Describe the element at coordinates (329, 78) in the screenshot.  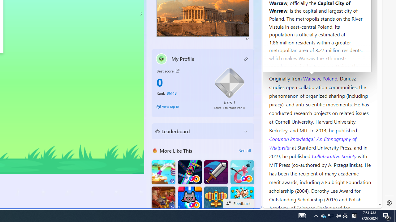
I see `'Poland'` at that location.